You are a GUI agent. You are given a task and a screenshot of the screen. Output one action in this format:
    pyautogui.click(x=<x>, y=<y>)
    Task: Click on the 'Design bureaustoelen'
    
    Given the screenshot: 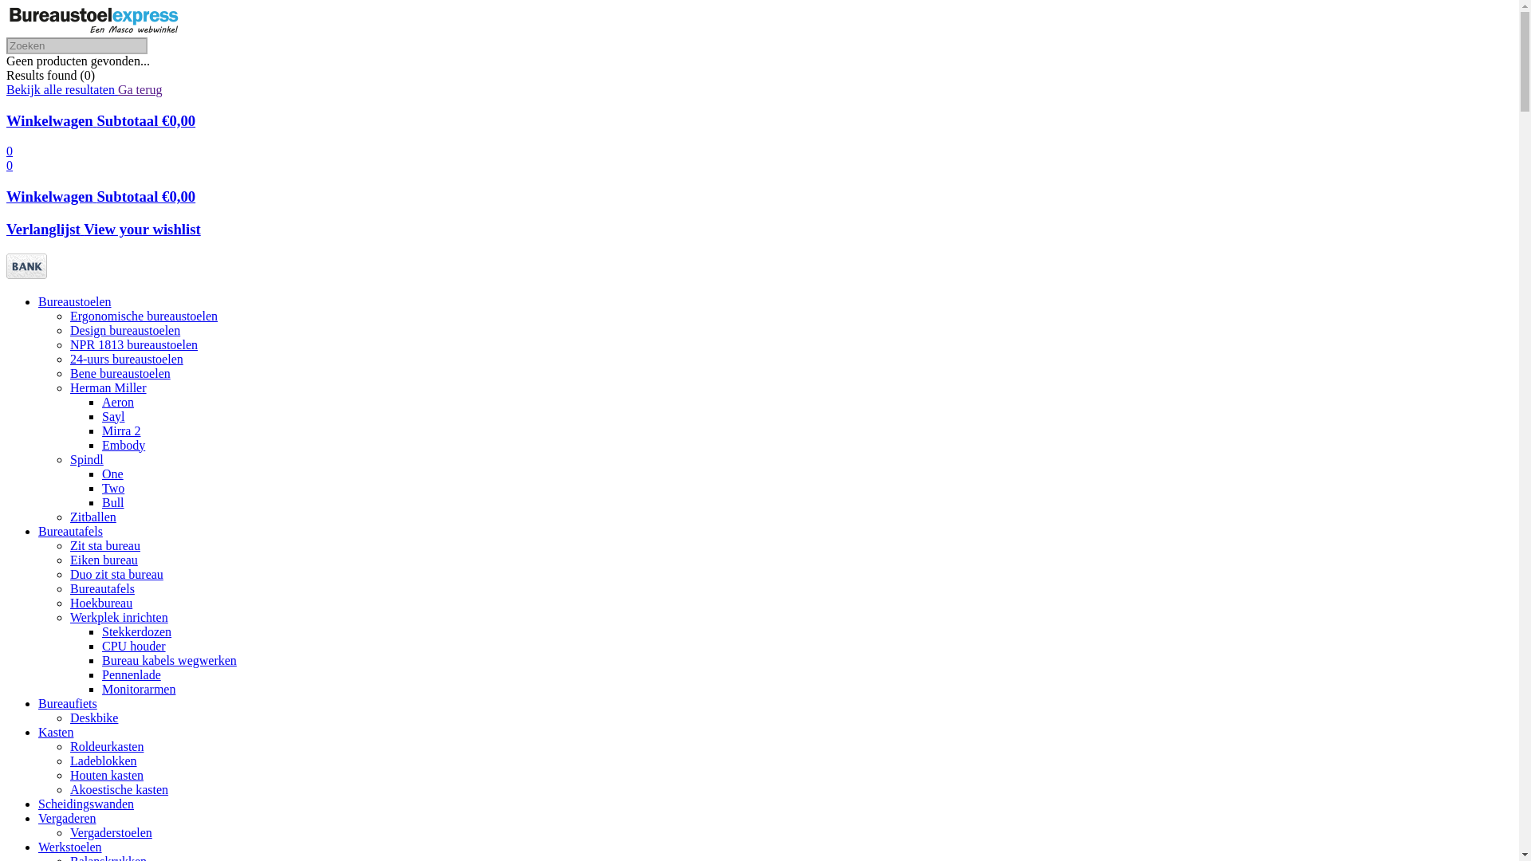 What is the action you would take?
    pyautogui.click(x=124, y=329)
    